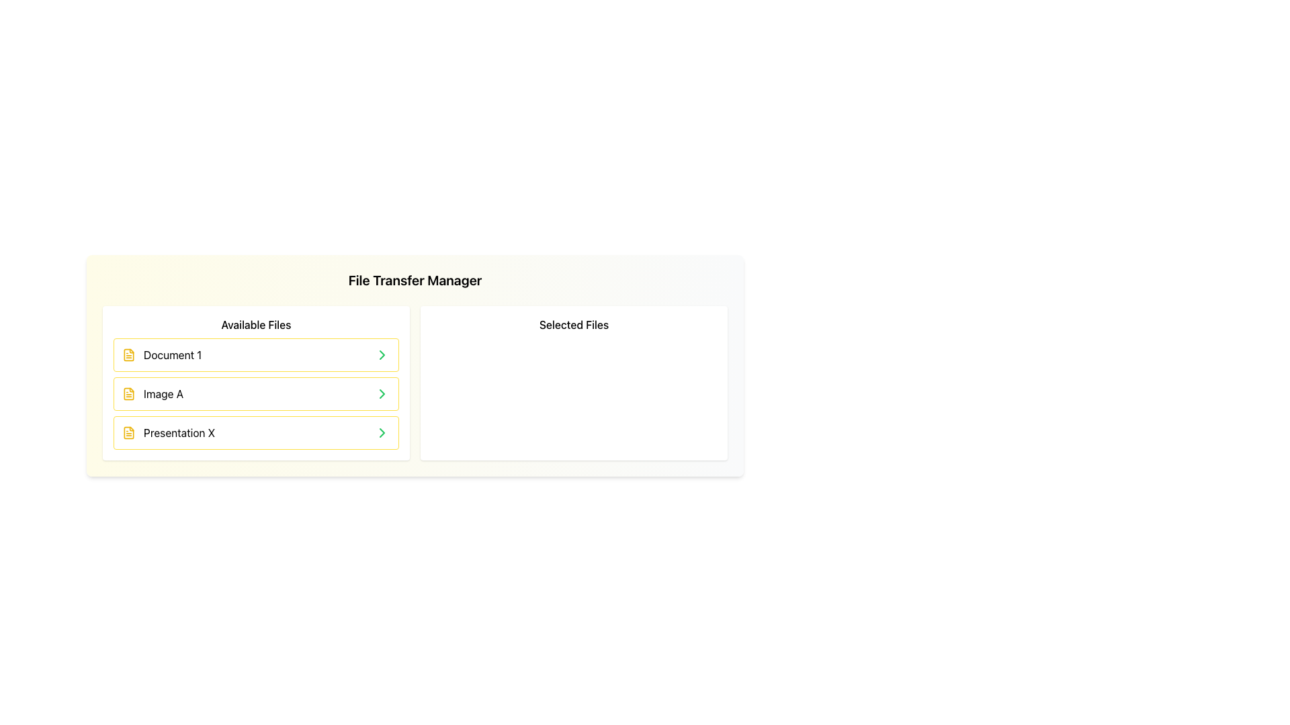 This screenshot has width=1290, height=725. What do you see at coordinates (382, 393) in the screenshot?
I see `the interactive button located near the right border of the second list item under the 'Available Files' column to change its color` at bounding box center [382, 393].